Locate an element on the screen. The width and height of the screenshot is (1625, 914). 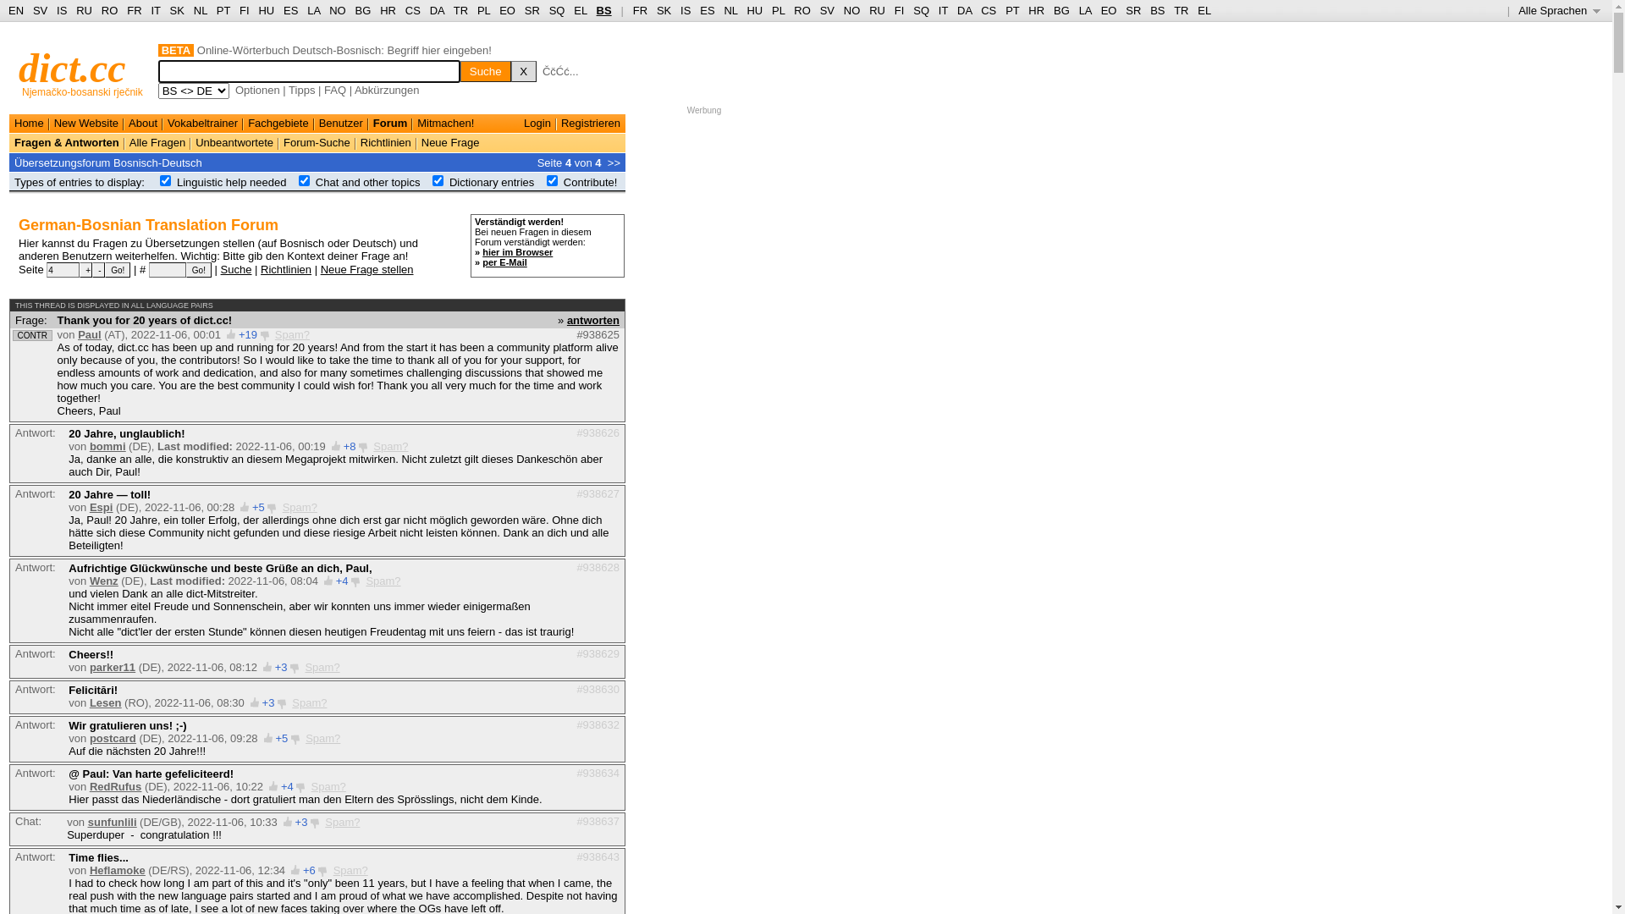
'parker11' is located at coordinates (88, 666).